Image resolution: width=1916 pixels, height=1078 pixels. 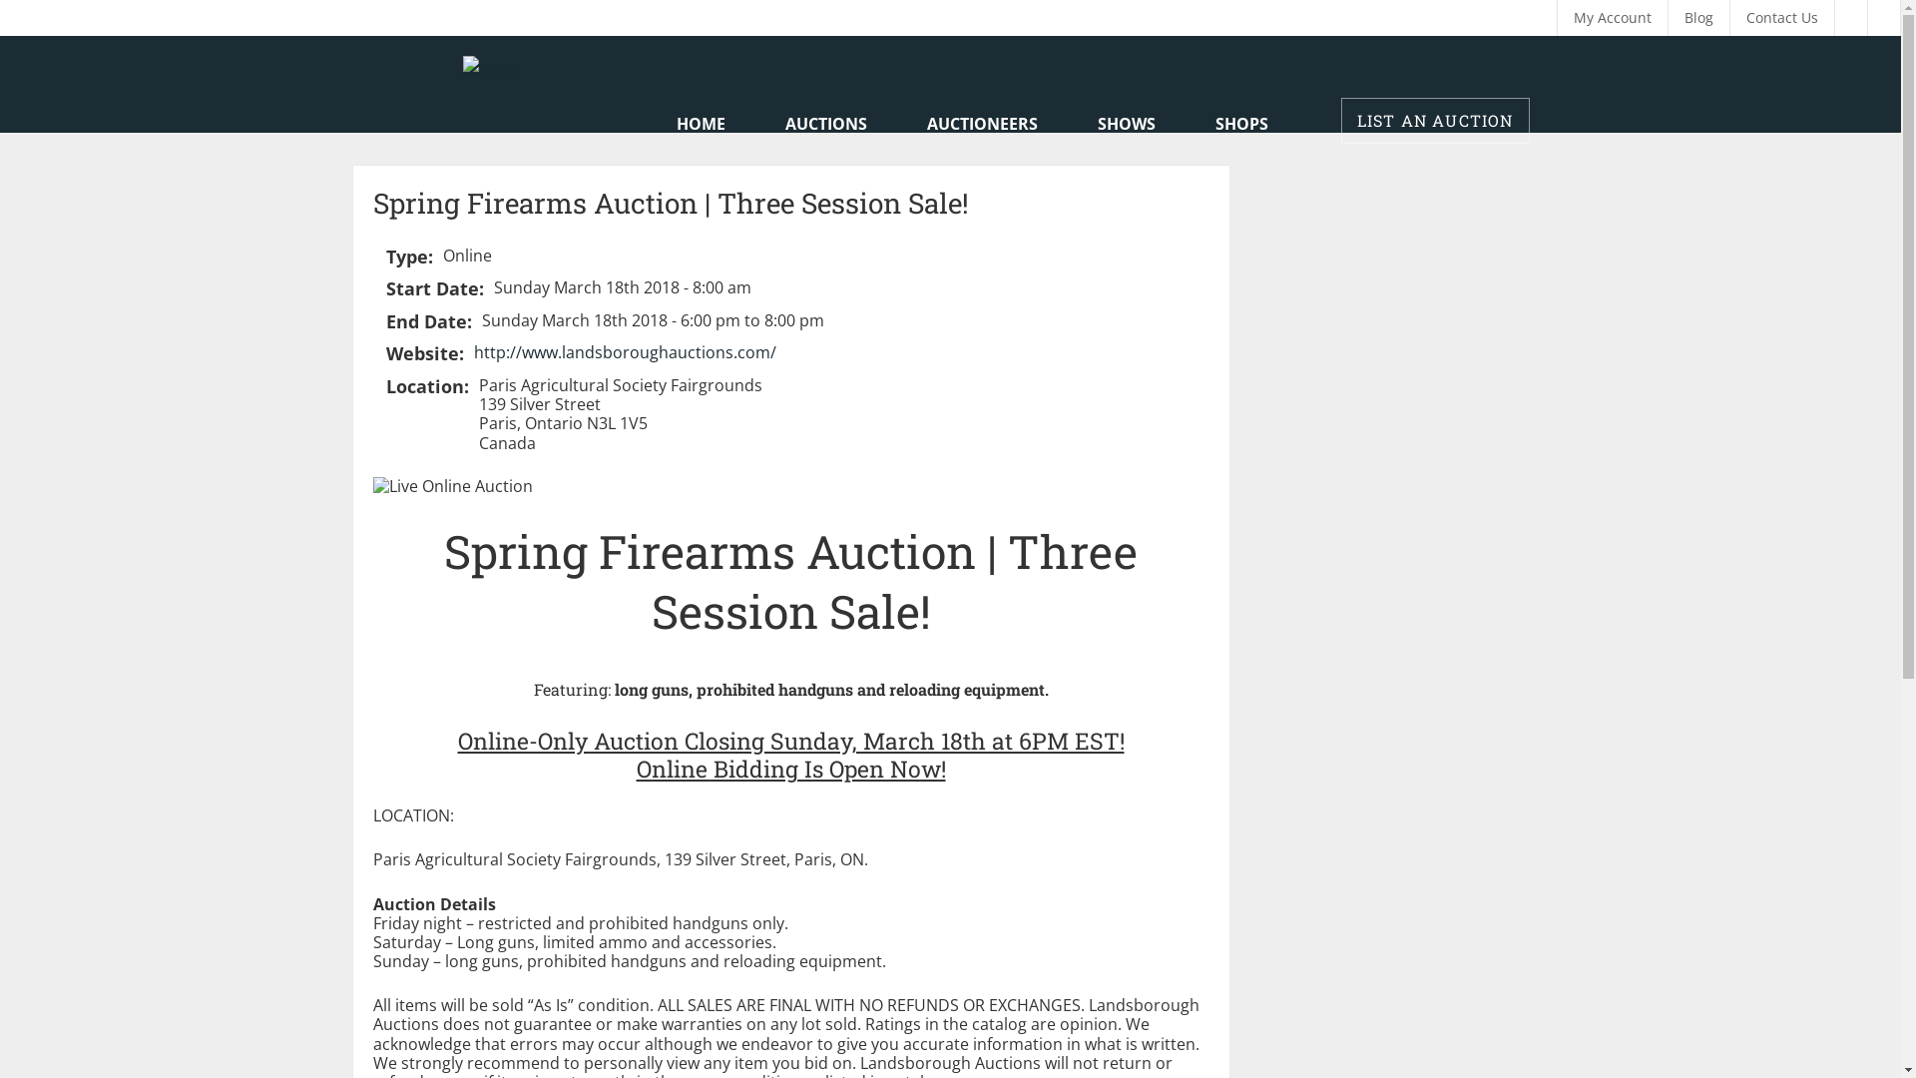 I want to click on 'HOME', so click(x=701, y=124).